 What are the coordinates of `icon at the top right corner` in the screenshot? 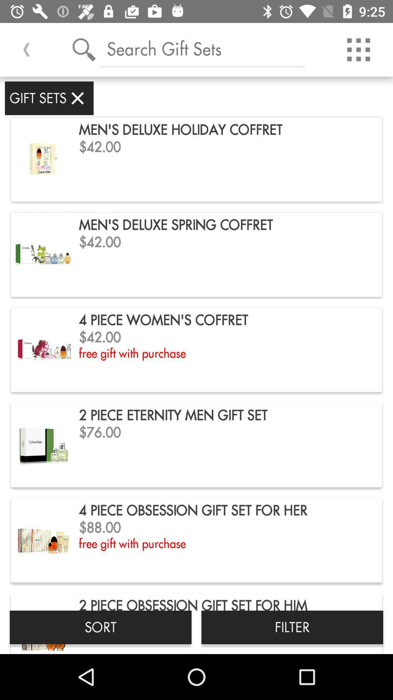 It's located at (358, 49).